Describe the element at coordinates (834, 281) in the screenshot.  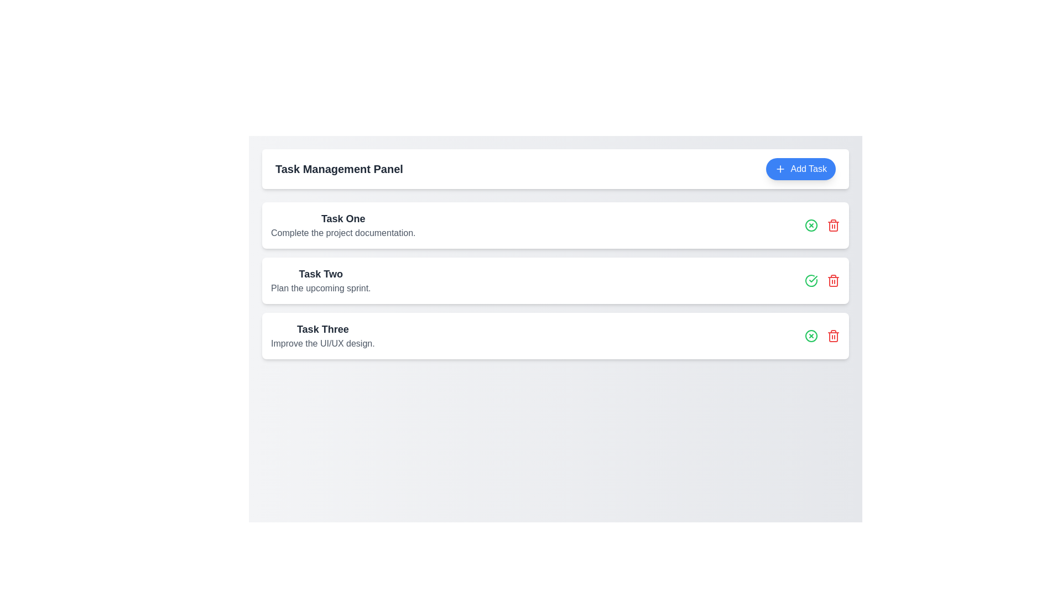
I see `the trash icon button located at the far right of the third row in the task list` at that location.